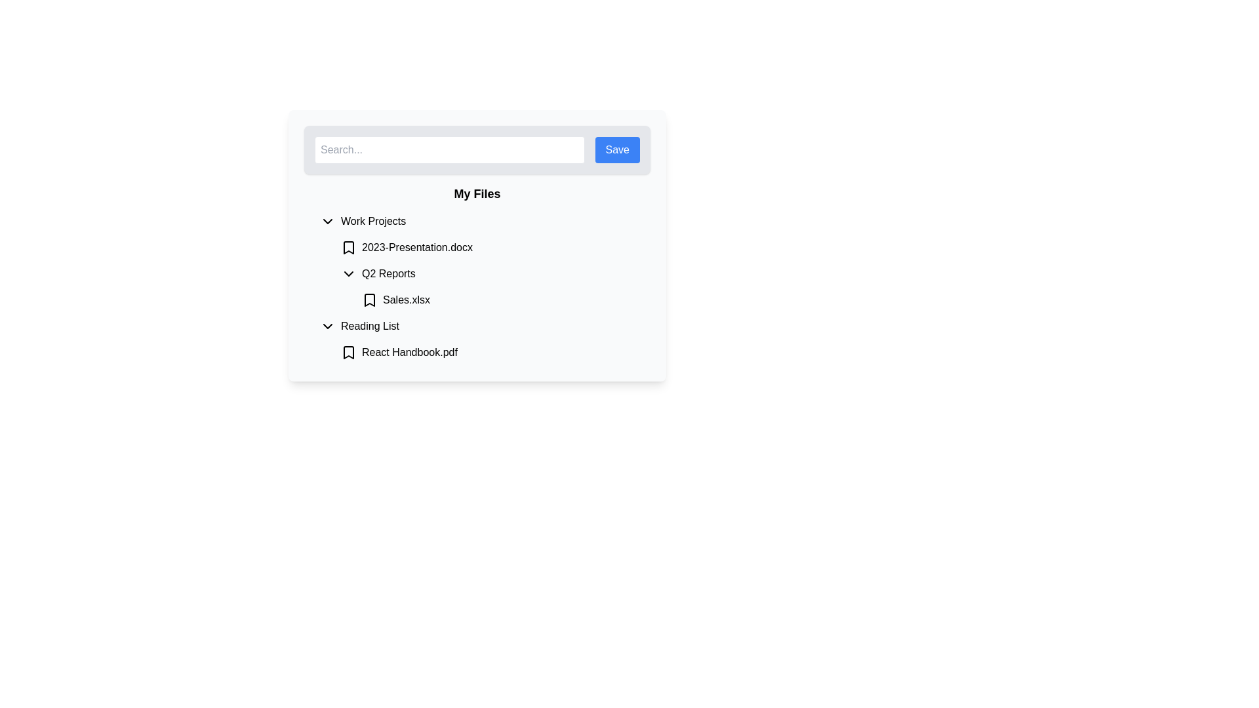  Describe the element at coordinates (481, 260) in the screenshot. I see `the collapsible file folder labeled 'Work Projects'` at that location.